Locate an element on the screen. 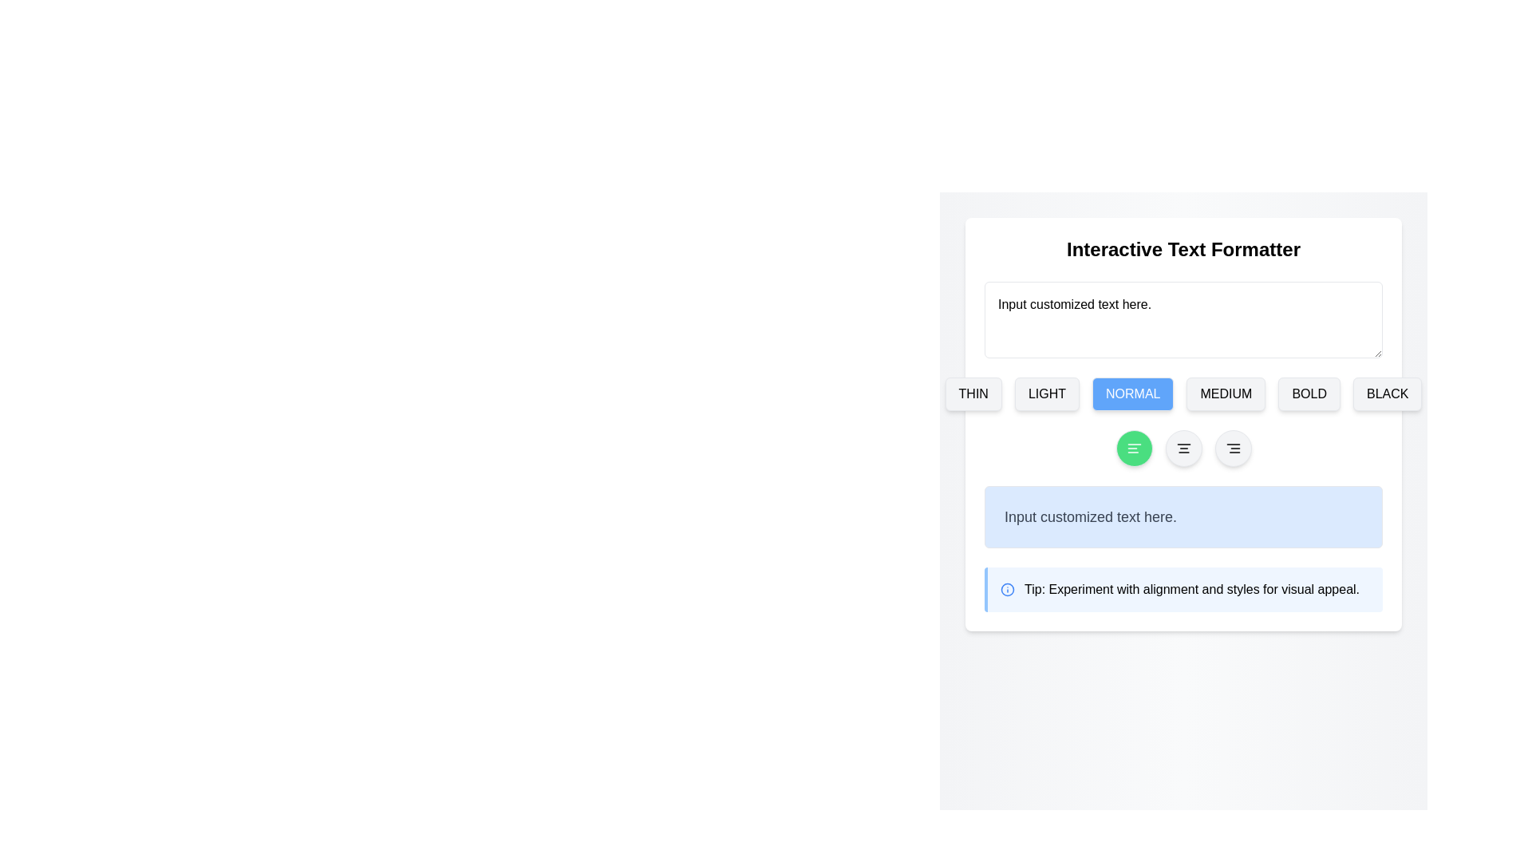 This screenshot has height=862, width=1532. the circular border of the info icon, which is visually represented adjacent to the text 'Tip: Experiment with alignment and styles for visual appeal.' is located at coordinates (1006, 590).